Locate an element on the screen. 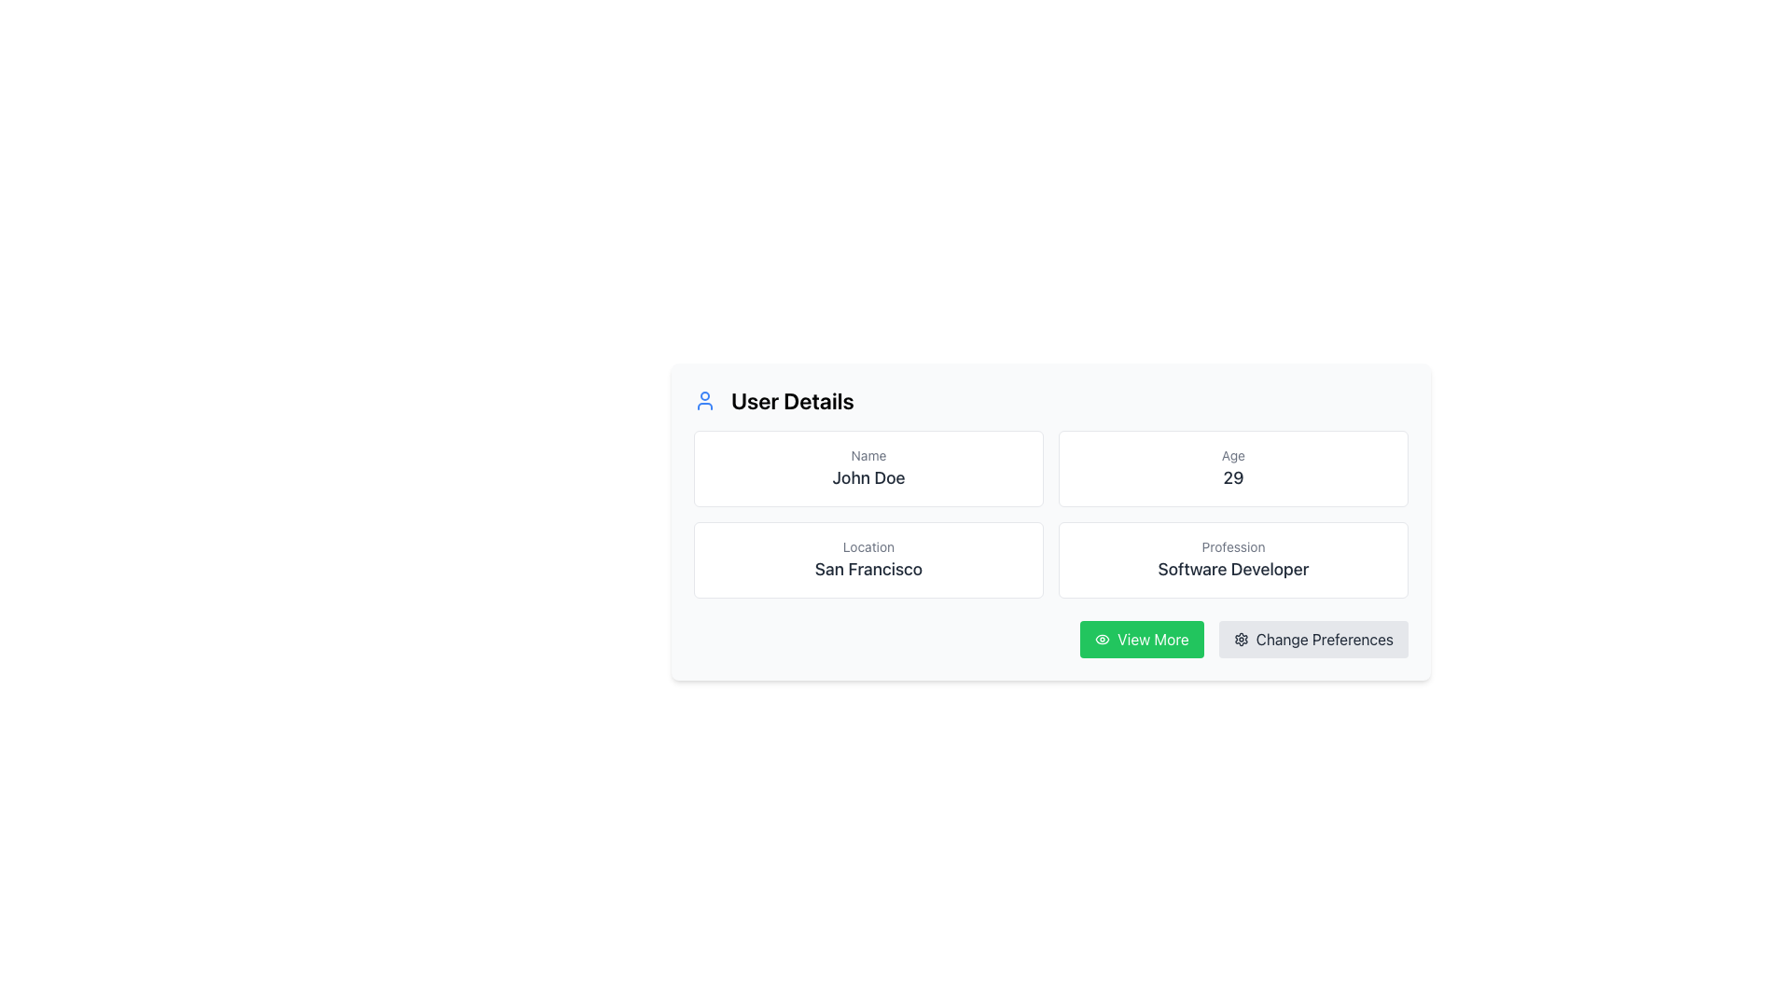  the small-sized text label reading 'Age' that is centrally aligned above the number '29' in the 'Age29' card is located at coordinates (1233, 456).